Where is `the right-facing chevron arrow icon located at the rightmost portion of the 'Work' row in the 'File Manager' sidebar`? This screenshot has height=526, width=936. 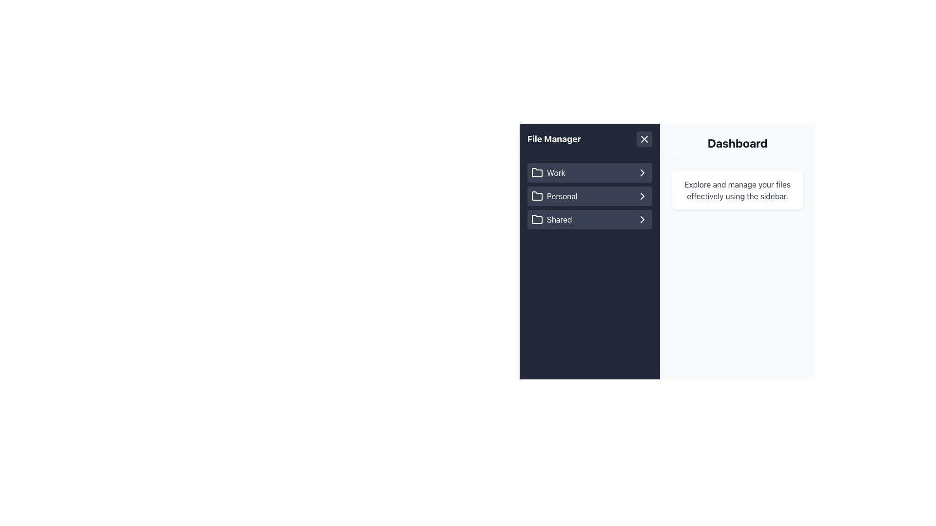
the right-facing chevron arrow icon located at the rightmost portion of the 'Work' row in the 'File Manager' sidebar is located at coordinates (643, 172).